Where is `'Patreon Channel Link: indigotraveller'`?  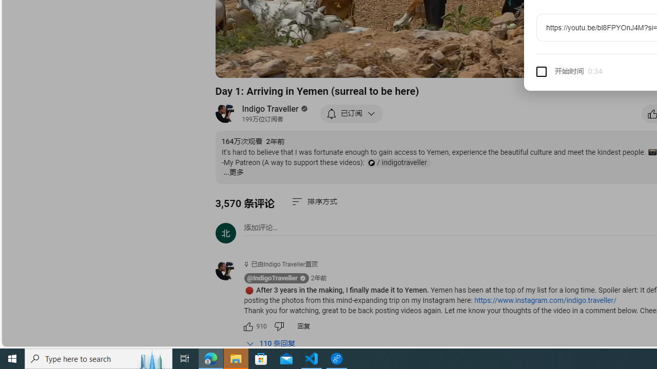 'Patreon Channel Link: indigotraveller' is located at coordinates (397, 162).